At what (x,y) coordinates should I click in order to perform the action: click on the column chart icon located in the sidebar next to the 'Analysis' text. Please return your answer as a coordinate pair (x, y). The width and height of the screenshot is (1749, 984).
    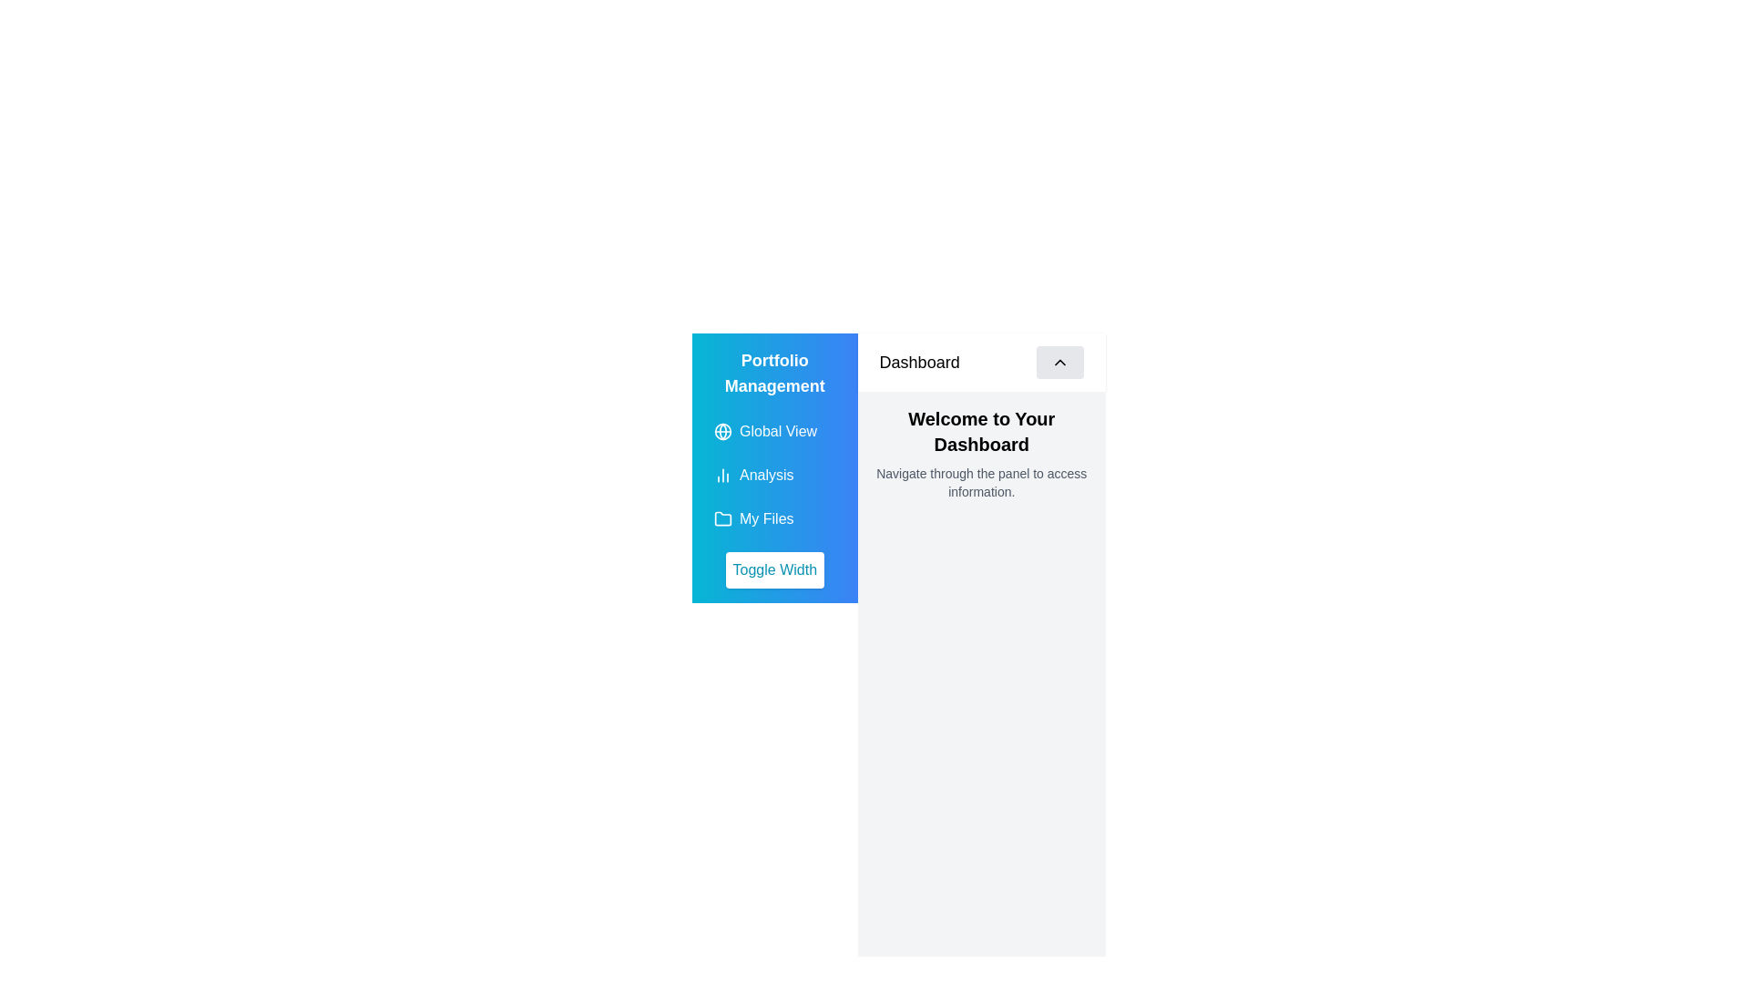
    Looking at the image, I should click on (721, 474).